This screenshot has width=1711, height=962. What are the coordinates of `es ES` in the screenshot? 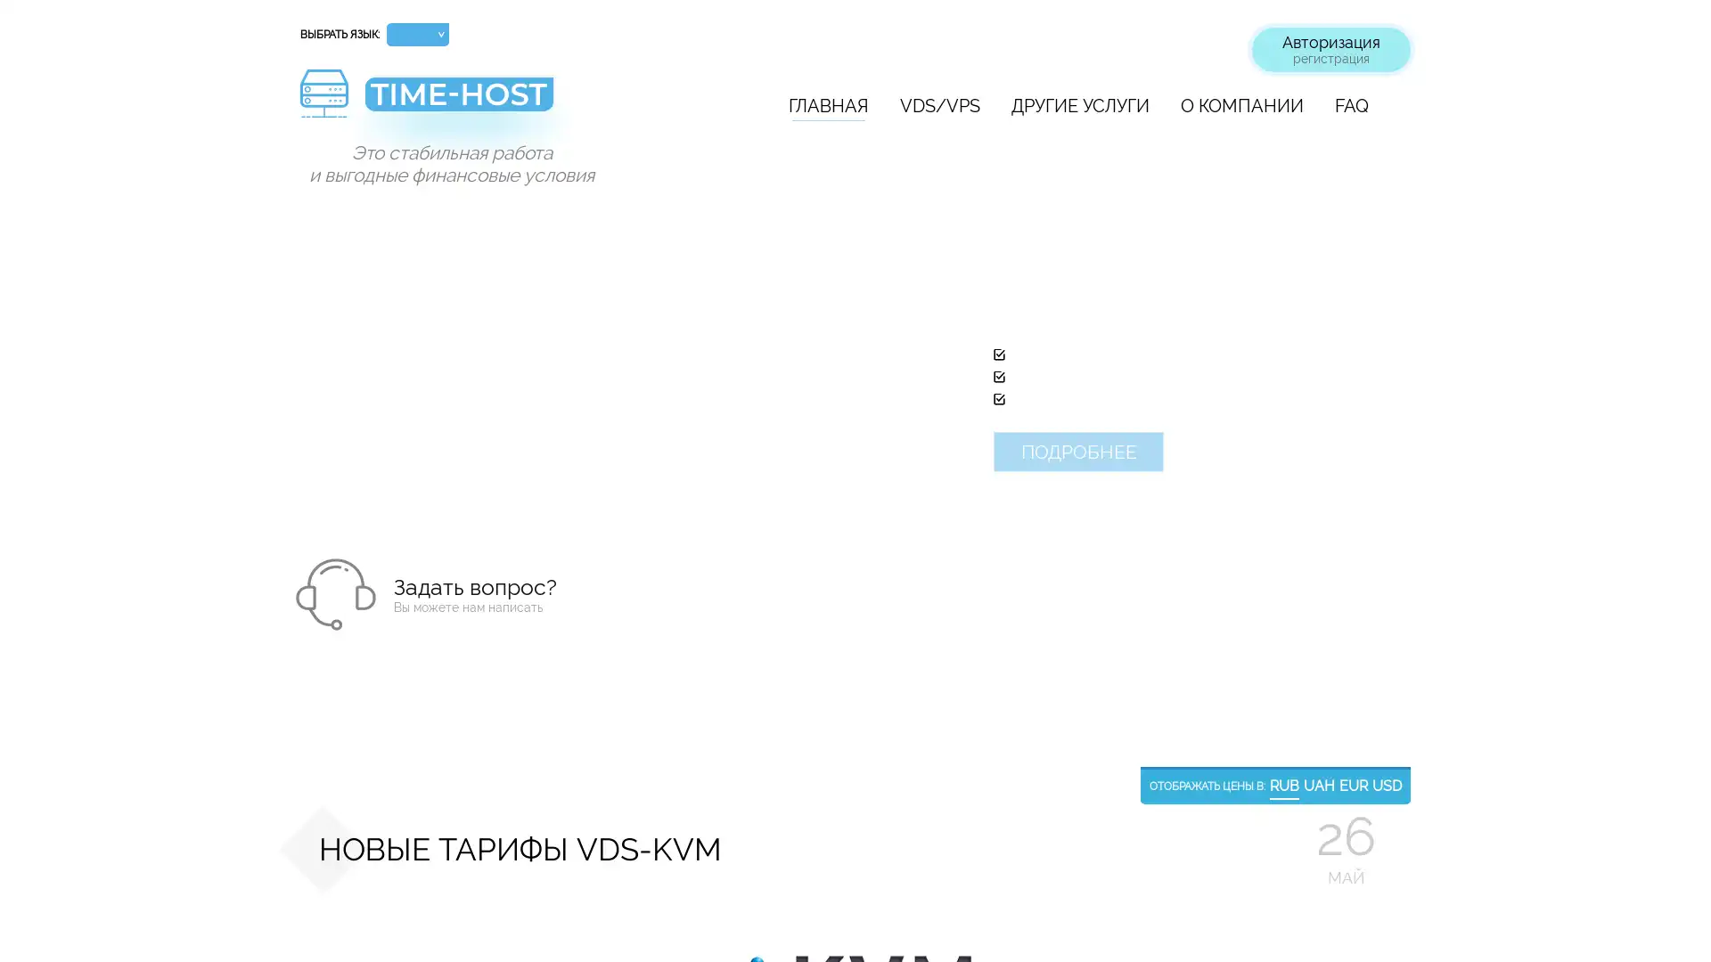 It's located at (417, 174).